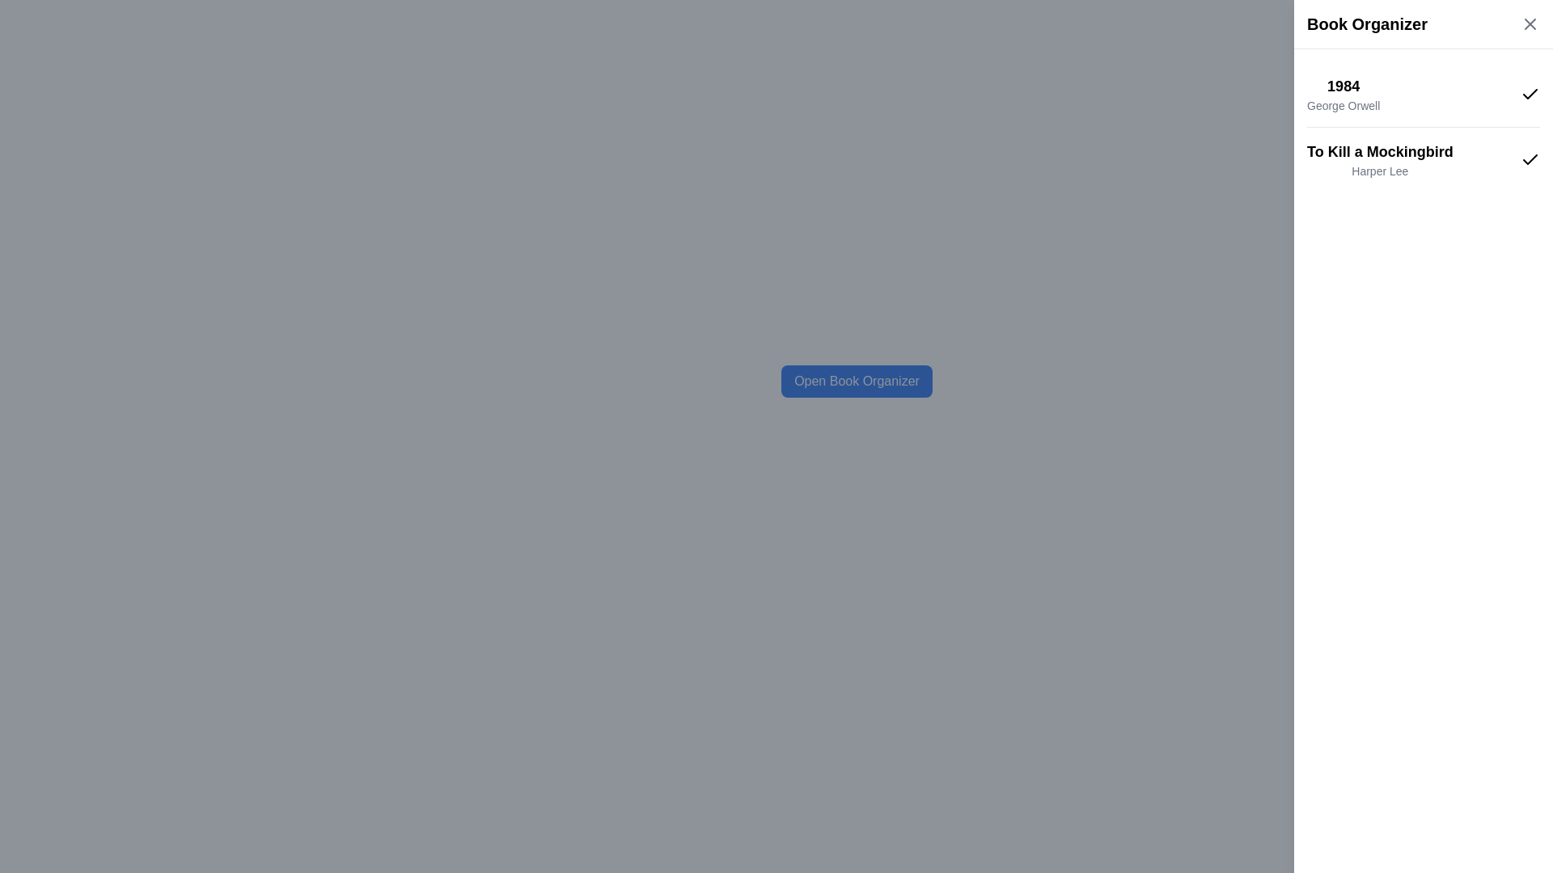 This screenshot has width=1553, height=873. I want to click on the 'X' icon button in the top-right corner of the 'Book Organizer' header area to change its color, so click(1529, 24).